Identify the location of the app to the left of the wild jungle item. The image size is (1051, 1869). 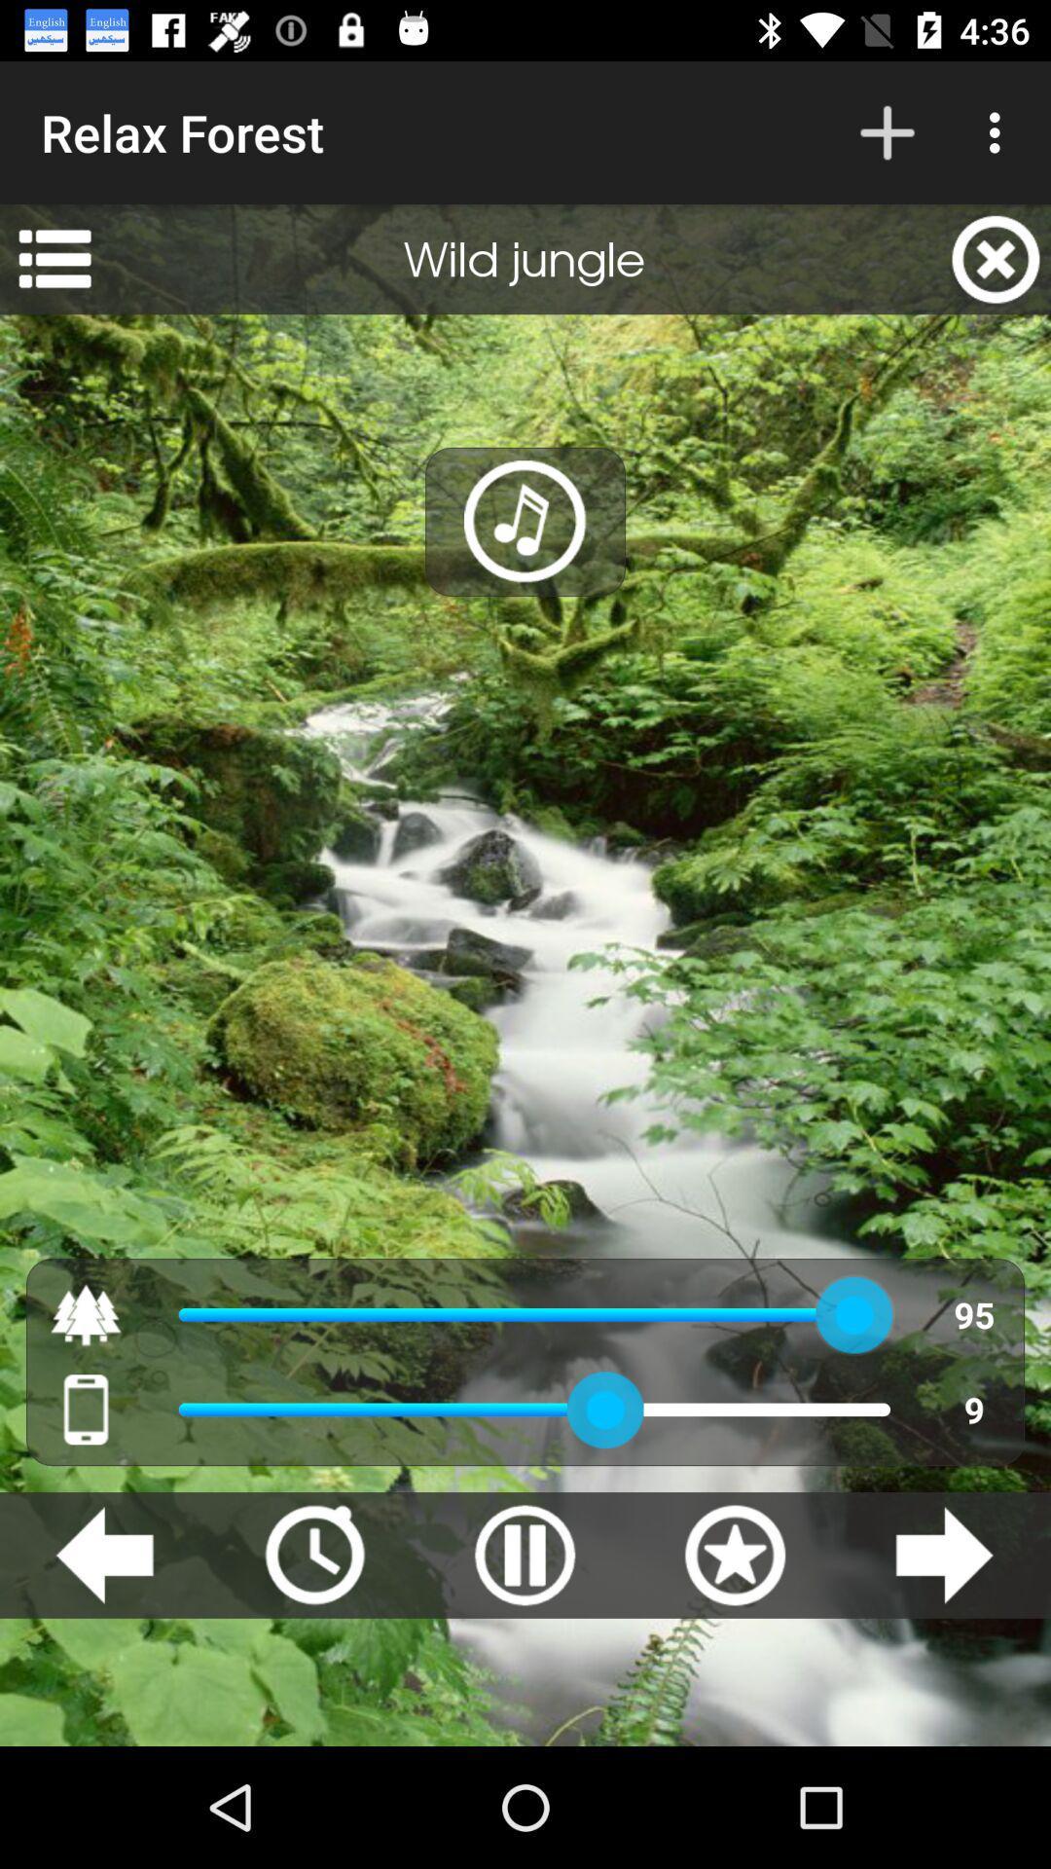
(54, 258).